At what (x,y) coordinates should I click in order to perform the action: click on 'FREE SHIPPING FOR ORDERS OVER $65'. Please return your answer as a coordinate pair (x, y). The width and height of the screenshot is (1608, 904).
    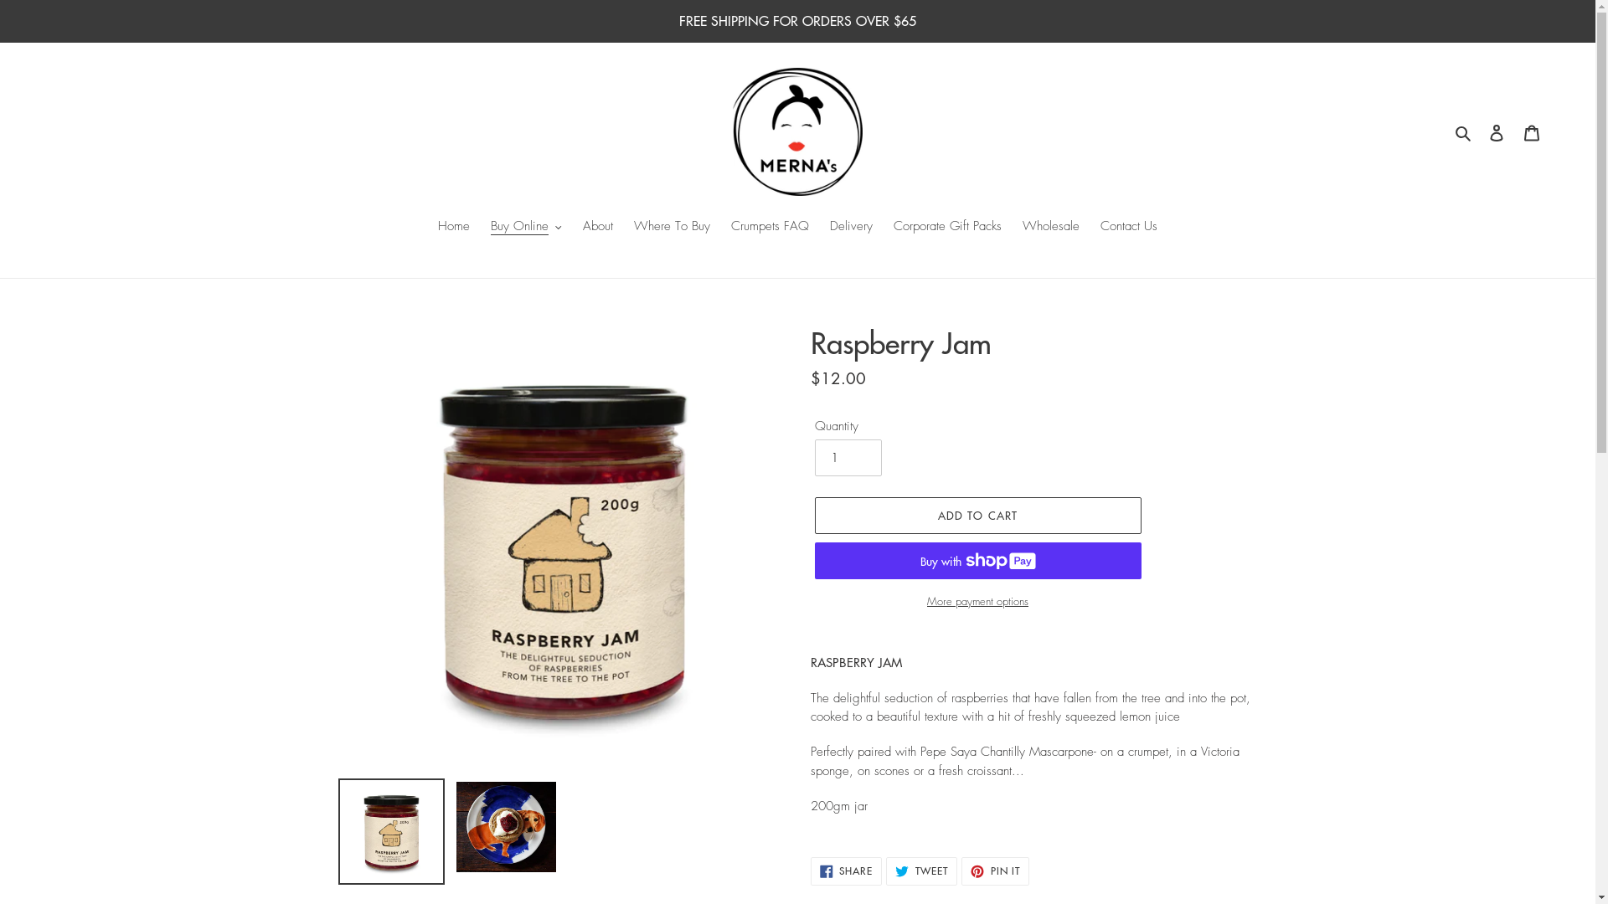
    Looking at the image, I should click on (796, 20).